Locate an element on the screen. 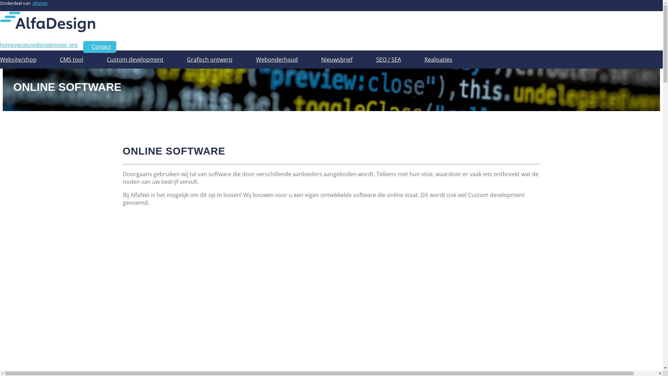  'home' is located at coordinates (0, 45).